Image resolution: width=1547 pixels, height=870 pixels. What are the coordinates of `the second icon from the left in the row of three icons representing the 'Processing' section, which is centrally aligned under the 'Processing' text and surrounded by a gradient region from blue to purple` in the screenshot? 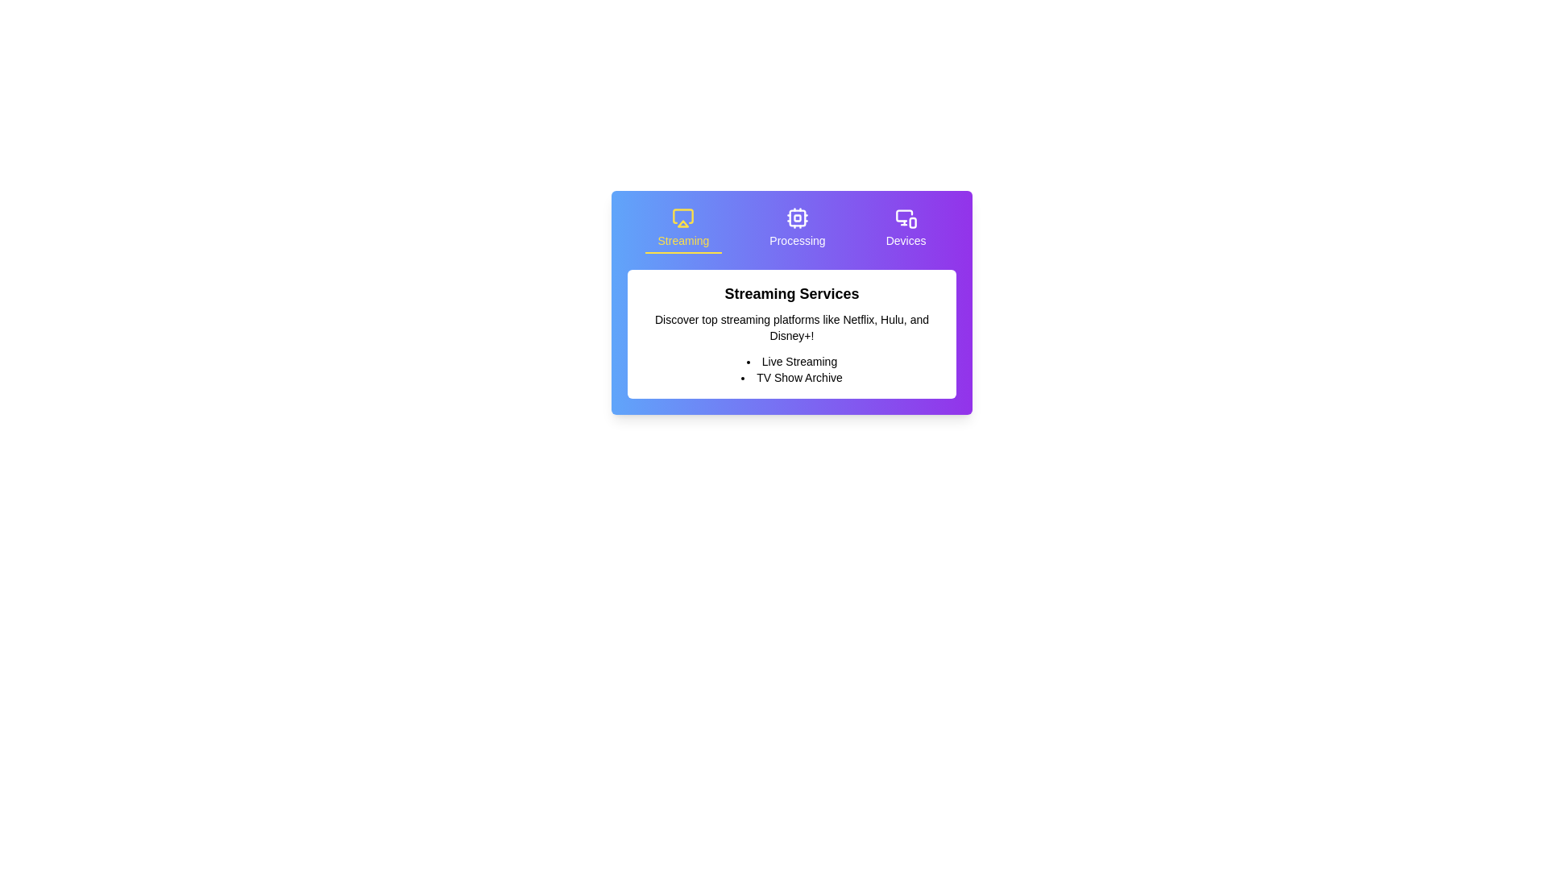 It's located at (797, 217).